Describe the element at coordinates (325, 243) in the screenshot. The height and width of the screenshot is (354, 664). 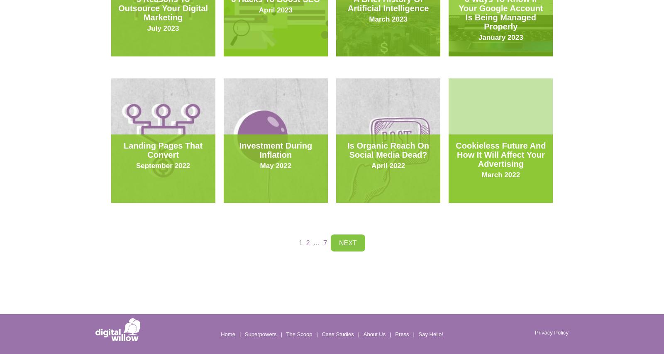
I see `'7'` at that location.